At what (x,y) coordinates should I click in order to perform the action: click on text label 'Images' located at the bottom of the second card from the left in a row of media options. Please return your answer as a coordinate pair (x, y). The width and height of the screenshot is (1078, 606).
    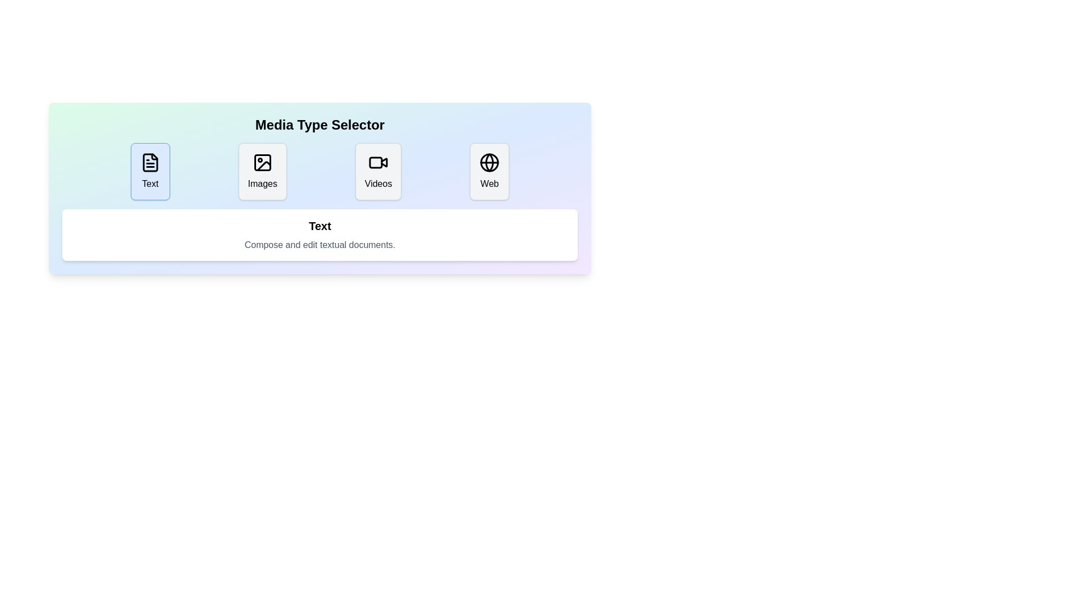
    Looking at the image, I should click on (262, 183).